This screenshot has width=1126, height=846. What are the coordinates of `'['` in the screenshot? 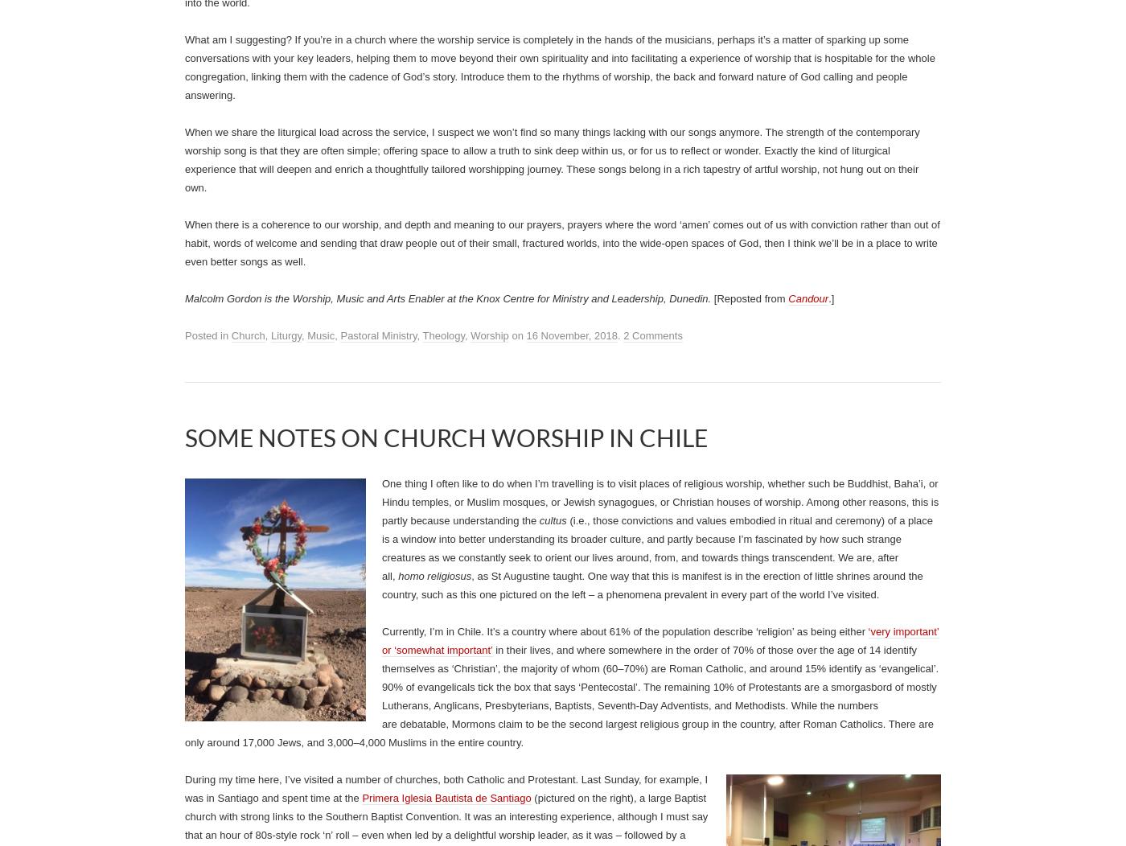 It's located at (715, 298).